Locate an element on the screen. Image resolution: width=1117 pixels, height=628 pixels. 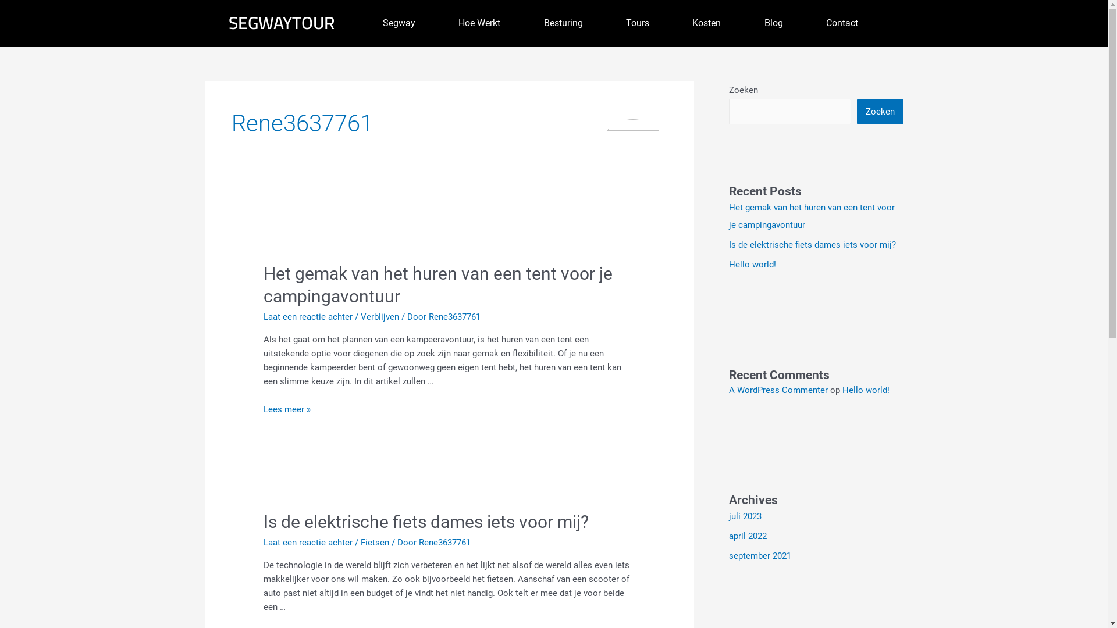
'Hello world!' is located at coordinates (866, 390).